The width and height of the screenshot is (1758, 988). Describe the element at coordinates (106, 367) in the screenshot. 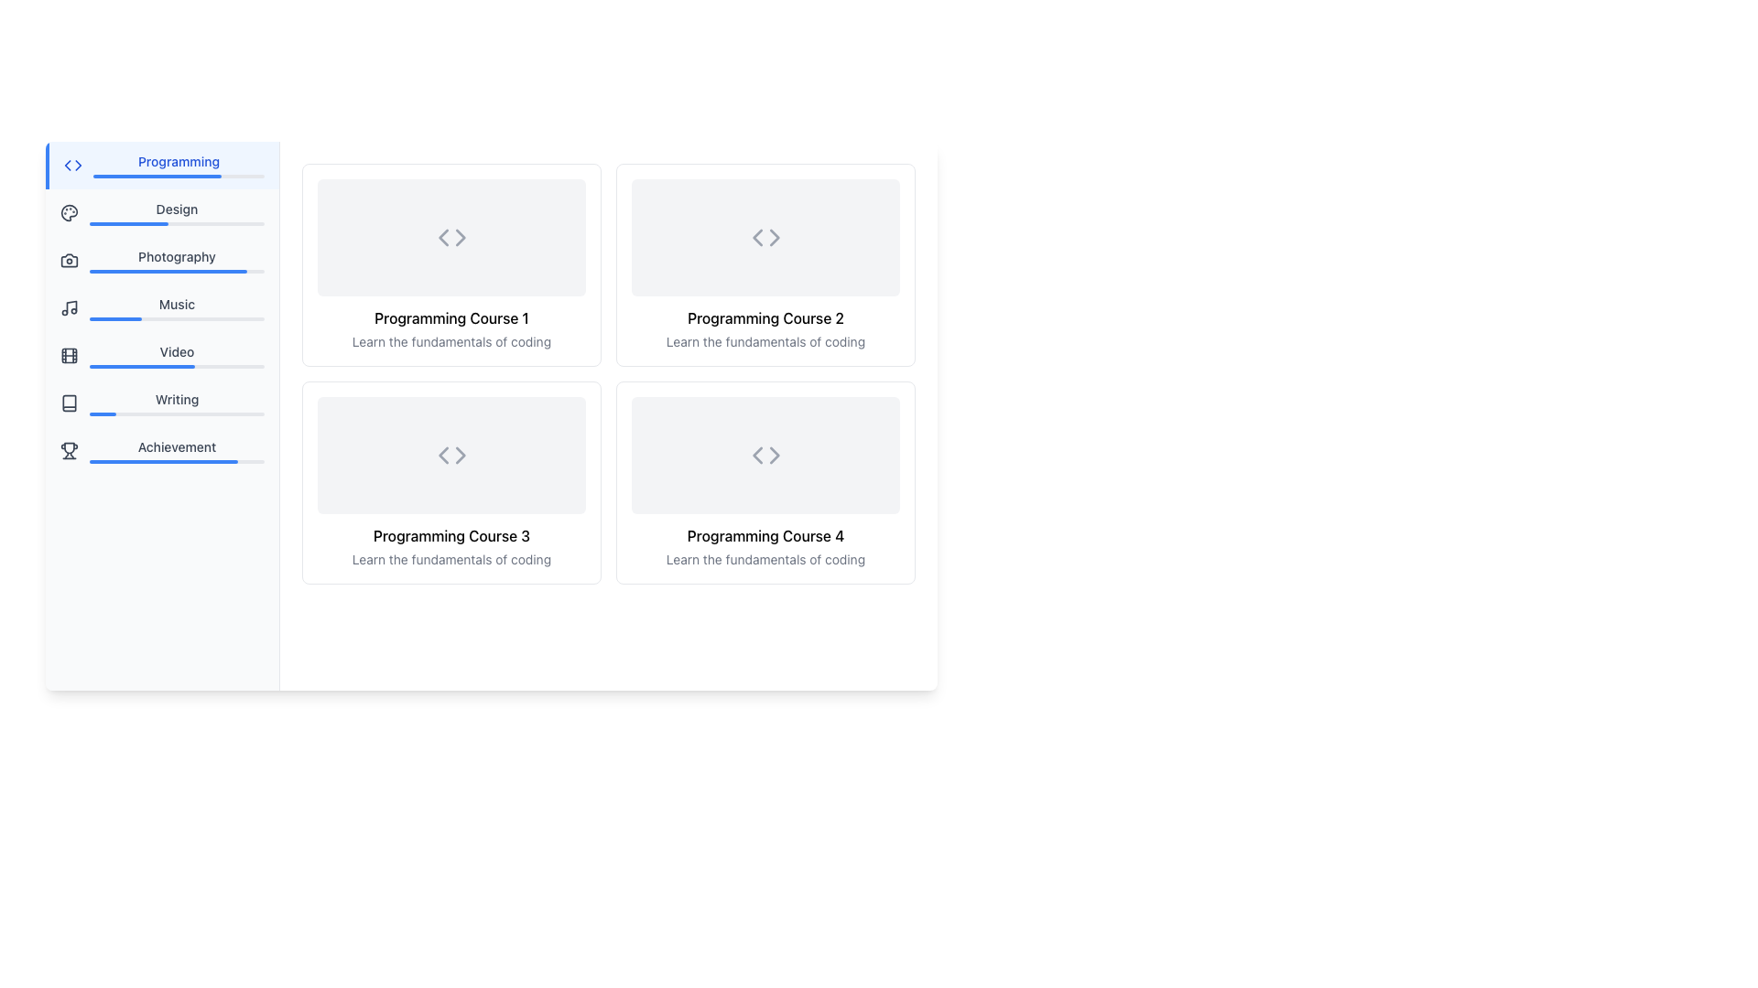

I see `the progress bar` at that location.